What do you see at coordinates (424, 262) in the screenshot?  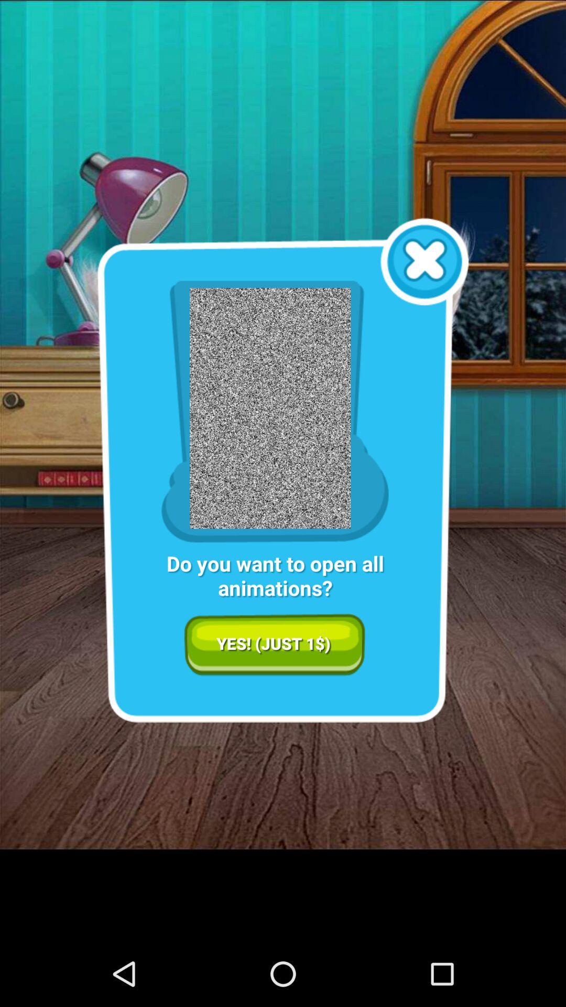 I see `icon above do you want item` at bounding box center [424, 262].